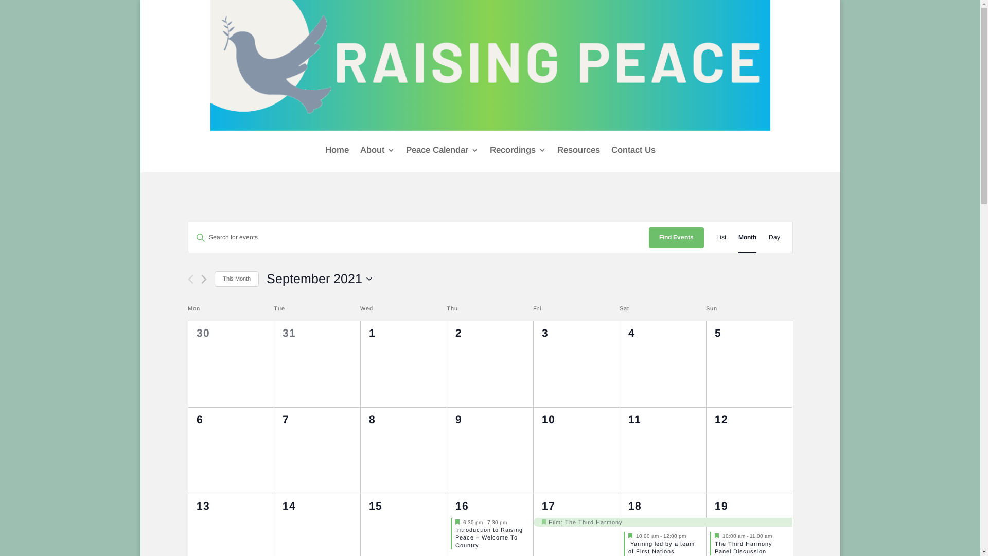 The image size is (988, 556). I want to click on 'Home', so click(337, 150).